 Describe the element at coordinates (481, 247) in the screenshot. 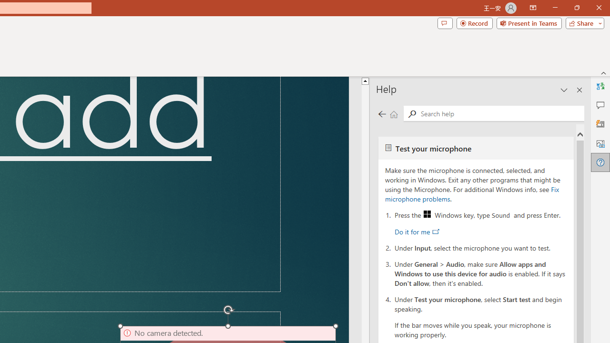

I see `'Under Input, select the microphone you want to test.'` at that location.